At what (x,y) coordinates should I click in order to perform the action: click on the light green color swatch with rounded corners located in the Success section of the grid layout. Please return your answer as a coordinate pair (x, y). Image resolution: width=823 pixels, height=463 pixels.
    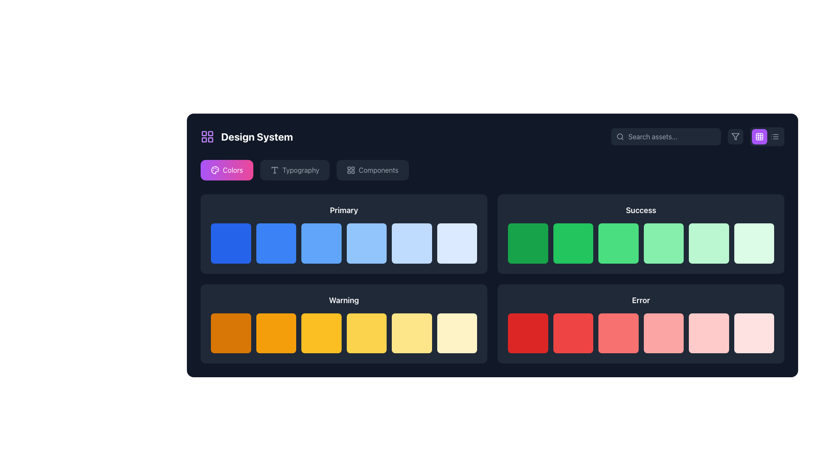
    Looking at the image, I should click on (663, 243).